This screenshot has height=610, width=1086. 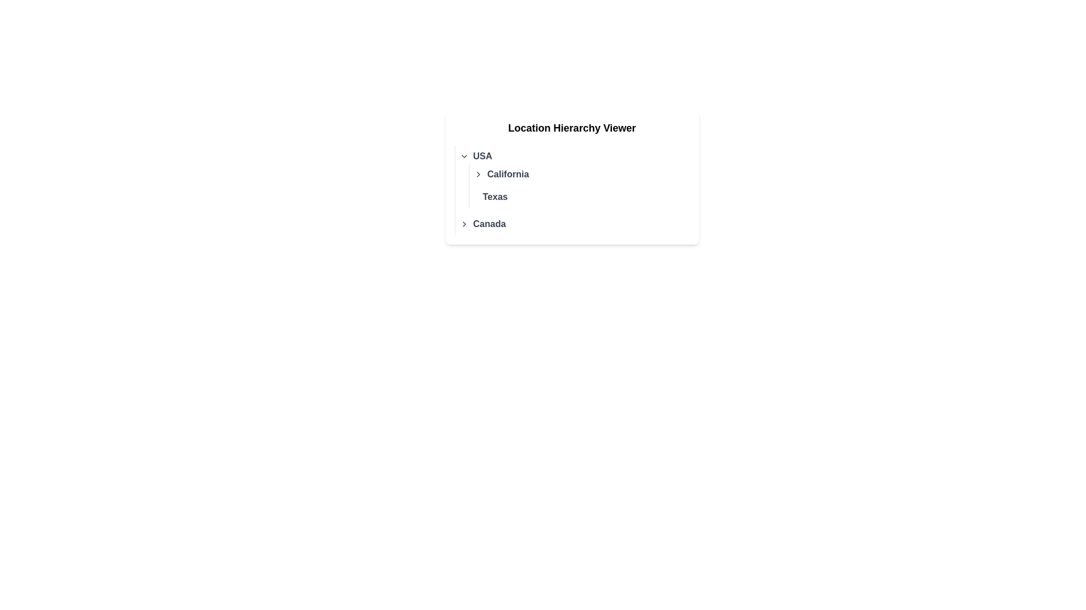 I want to click on the 'USA' category text label within the Location Hierarchy Viewer, so click(x=482, y=156).